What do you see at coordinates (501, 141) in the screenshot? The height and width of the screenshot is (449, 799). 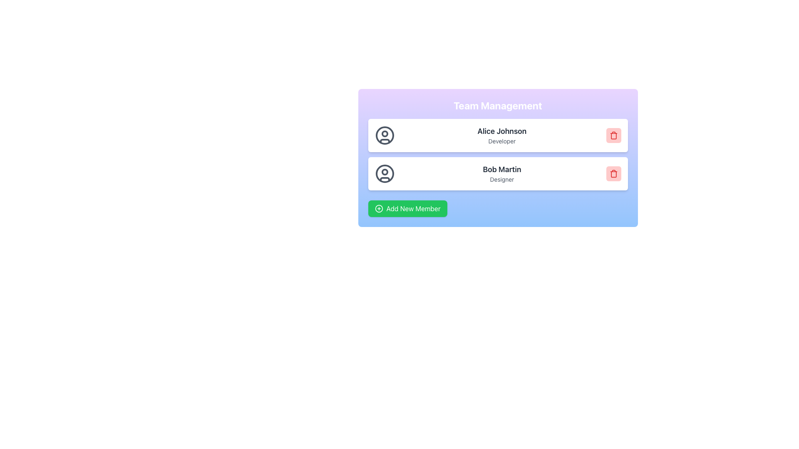 I see `the static text label displaying 'Developer', located below the name label 'Alice Johnson' in the 'Team Management' section` at bounding box center [501, 141].